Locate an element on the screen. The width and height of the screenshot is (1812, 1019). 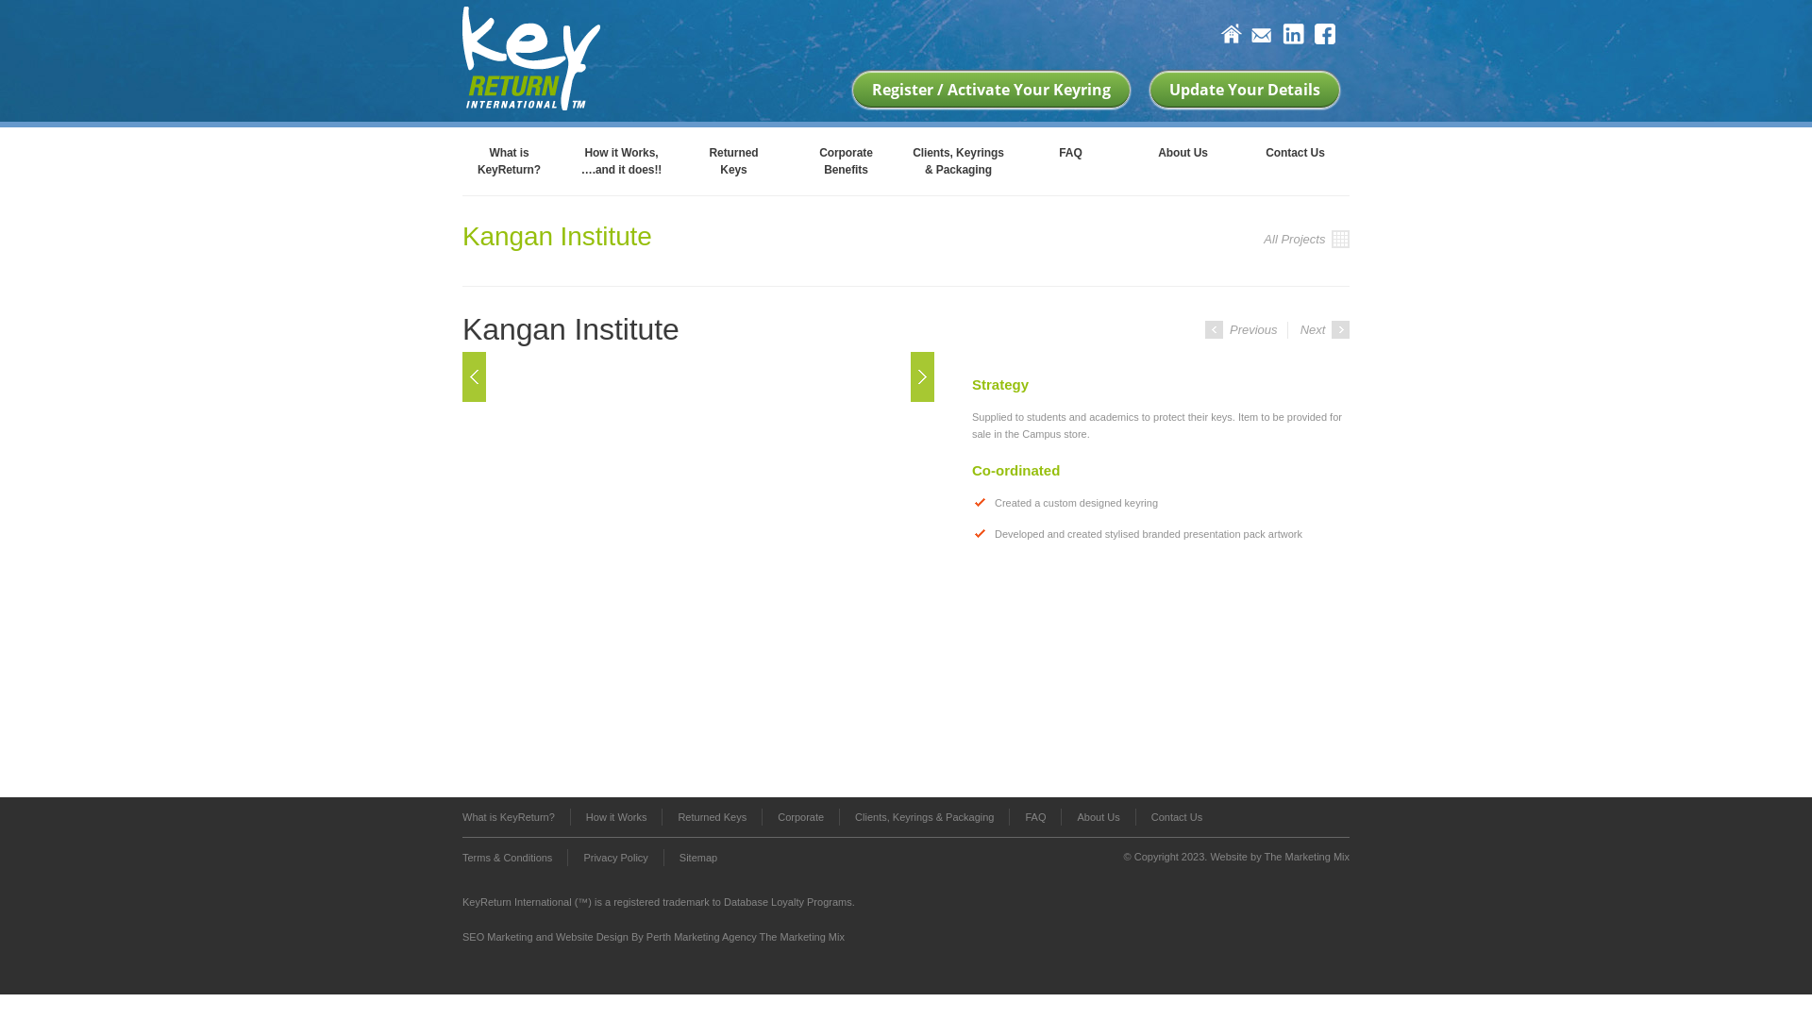
'FAQ' is located at coordinates (1070, 158).